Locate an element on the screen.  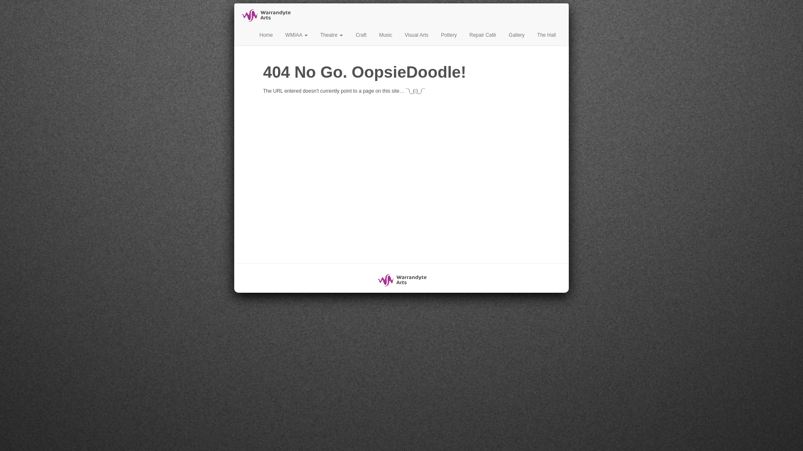
'Craft' is located at coordinates (361, 35).